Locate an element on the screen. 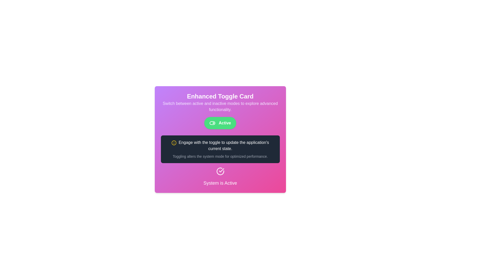 This screenshot has height=277, width=492. the checkmark icon located in the lower-center region of the interface, which indicates confirmation or success is located at coordinates (221, 171).